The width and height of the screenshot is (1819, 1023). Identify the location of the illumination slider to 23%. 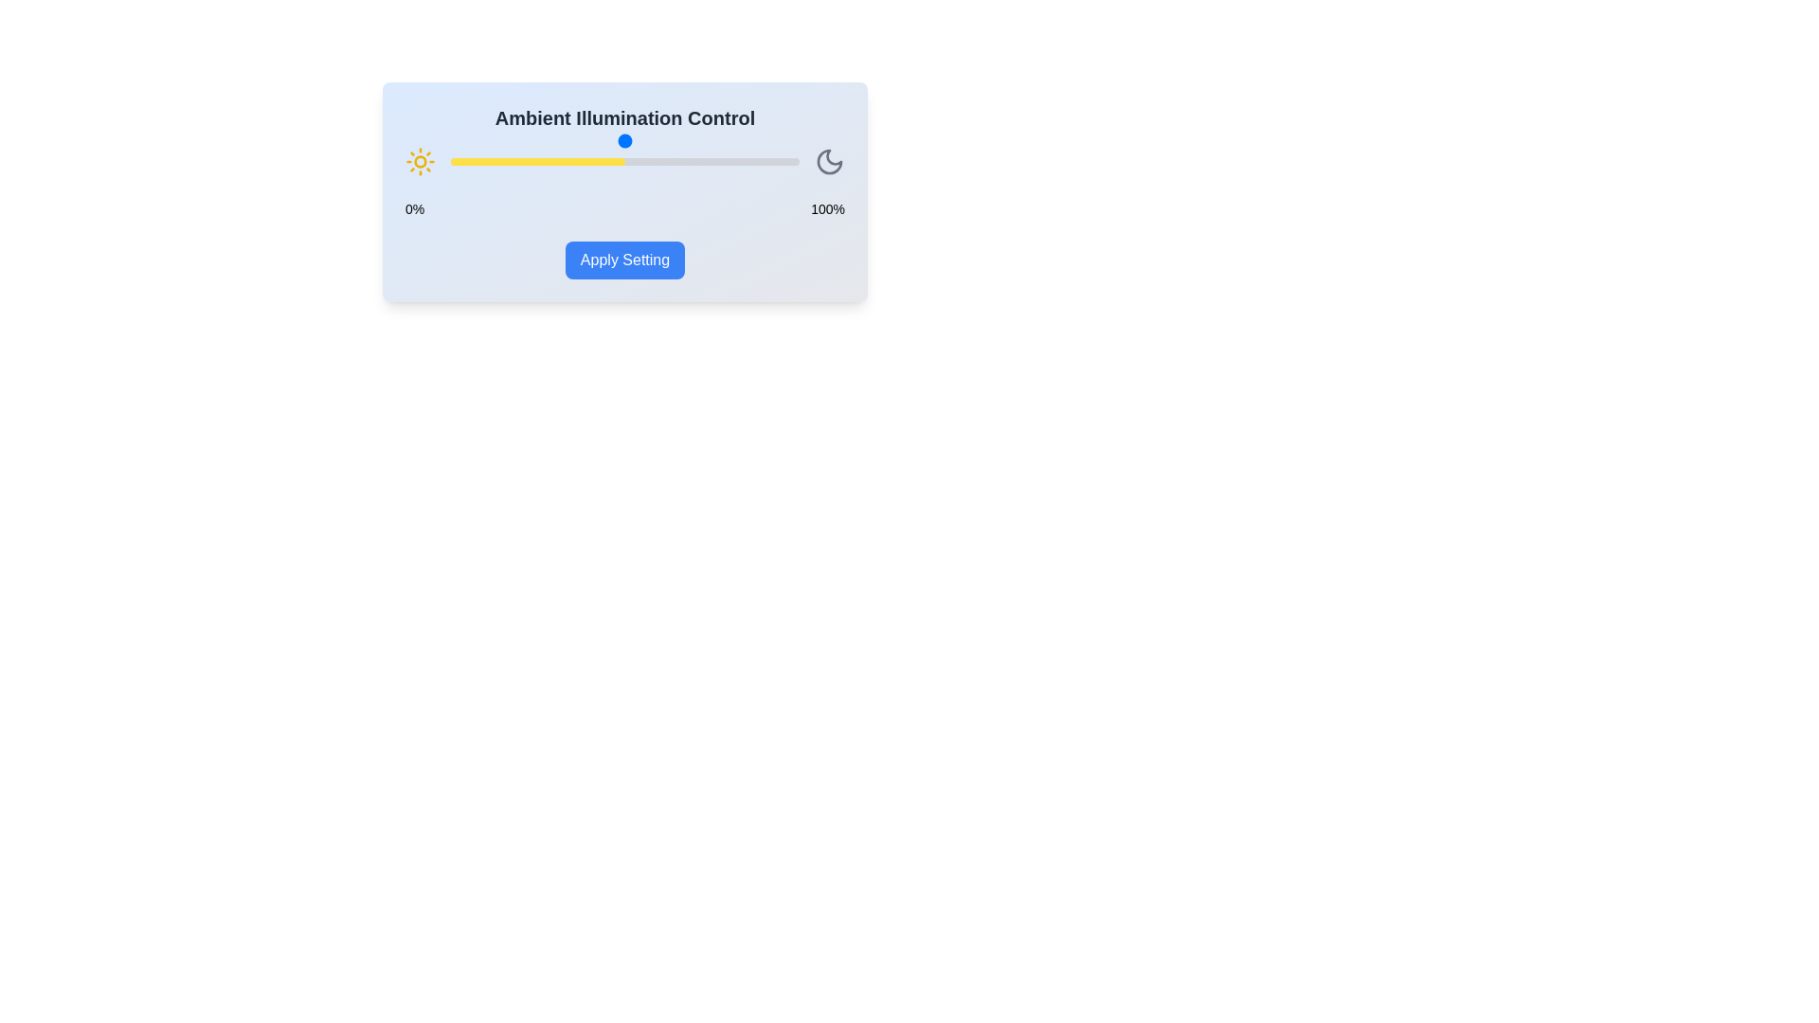
(531, 160).